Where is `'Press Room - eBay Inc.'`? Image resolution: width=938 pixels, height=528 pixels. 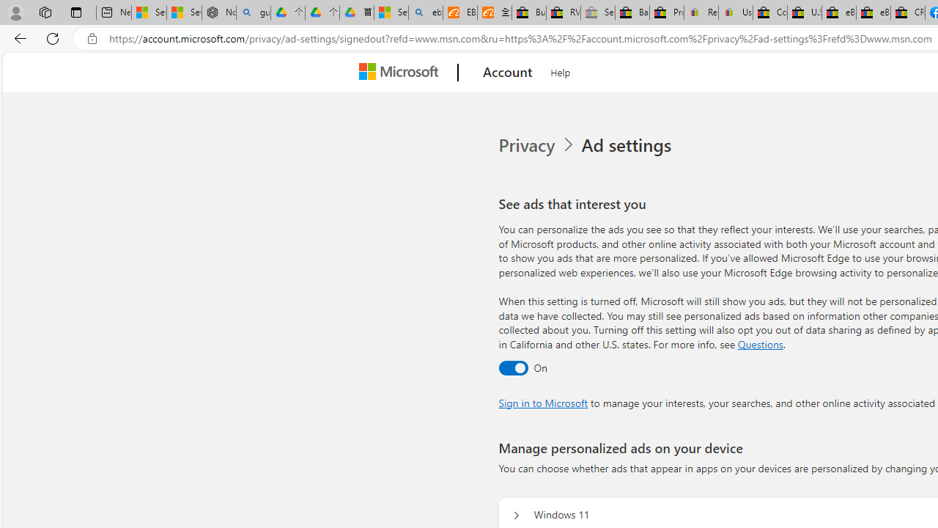
'Press Room - eBay Inc.' is located at coordinates (666, 12).